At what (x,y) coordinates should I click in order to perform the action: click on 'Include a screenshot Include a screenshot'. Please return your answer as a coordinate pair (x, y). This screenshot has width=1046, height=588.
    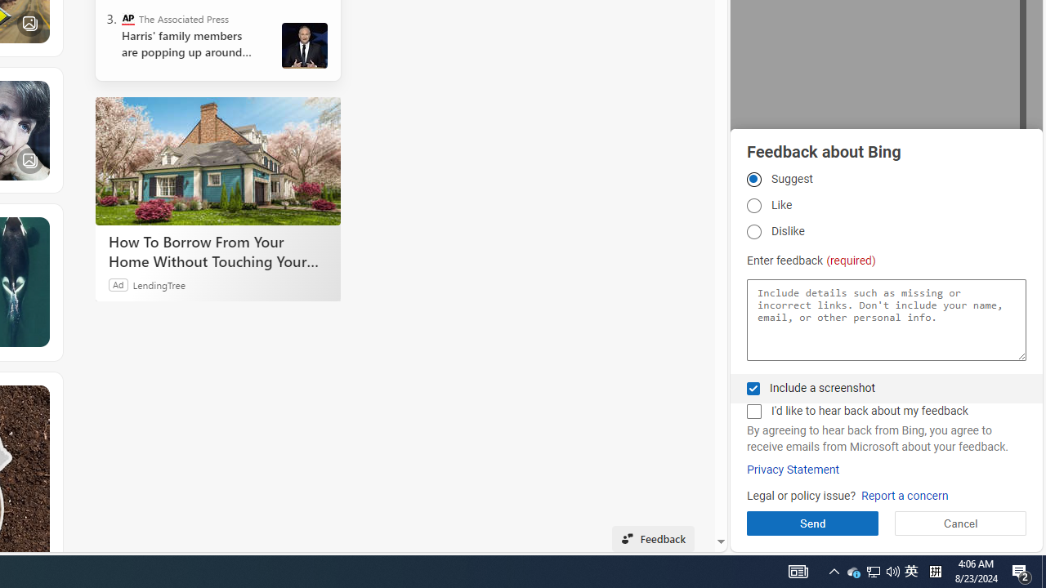
    Looking at the image, I should click on (753, 388).